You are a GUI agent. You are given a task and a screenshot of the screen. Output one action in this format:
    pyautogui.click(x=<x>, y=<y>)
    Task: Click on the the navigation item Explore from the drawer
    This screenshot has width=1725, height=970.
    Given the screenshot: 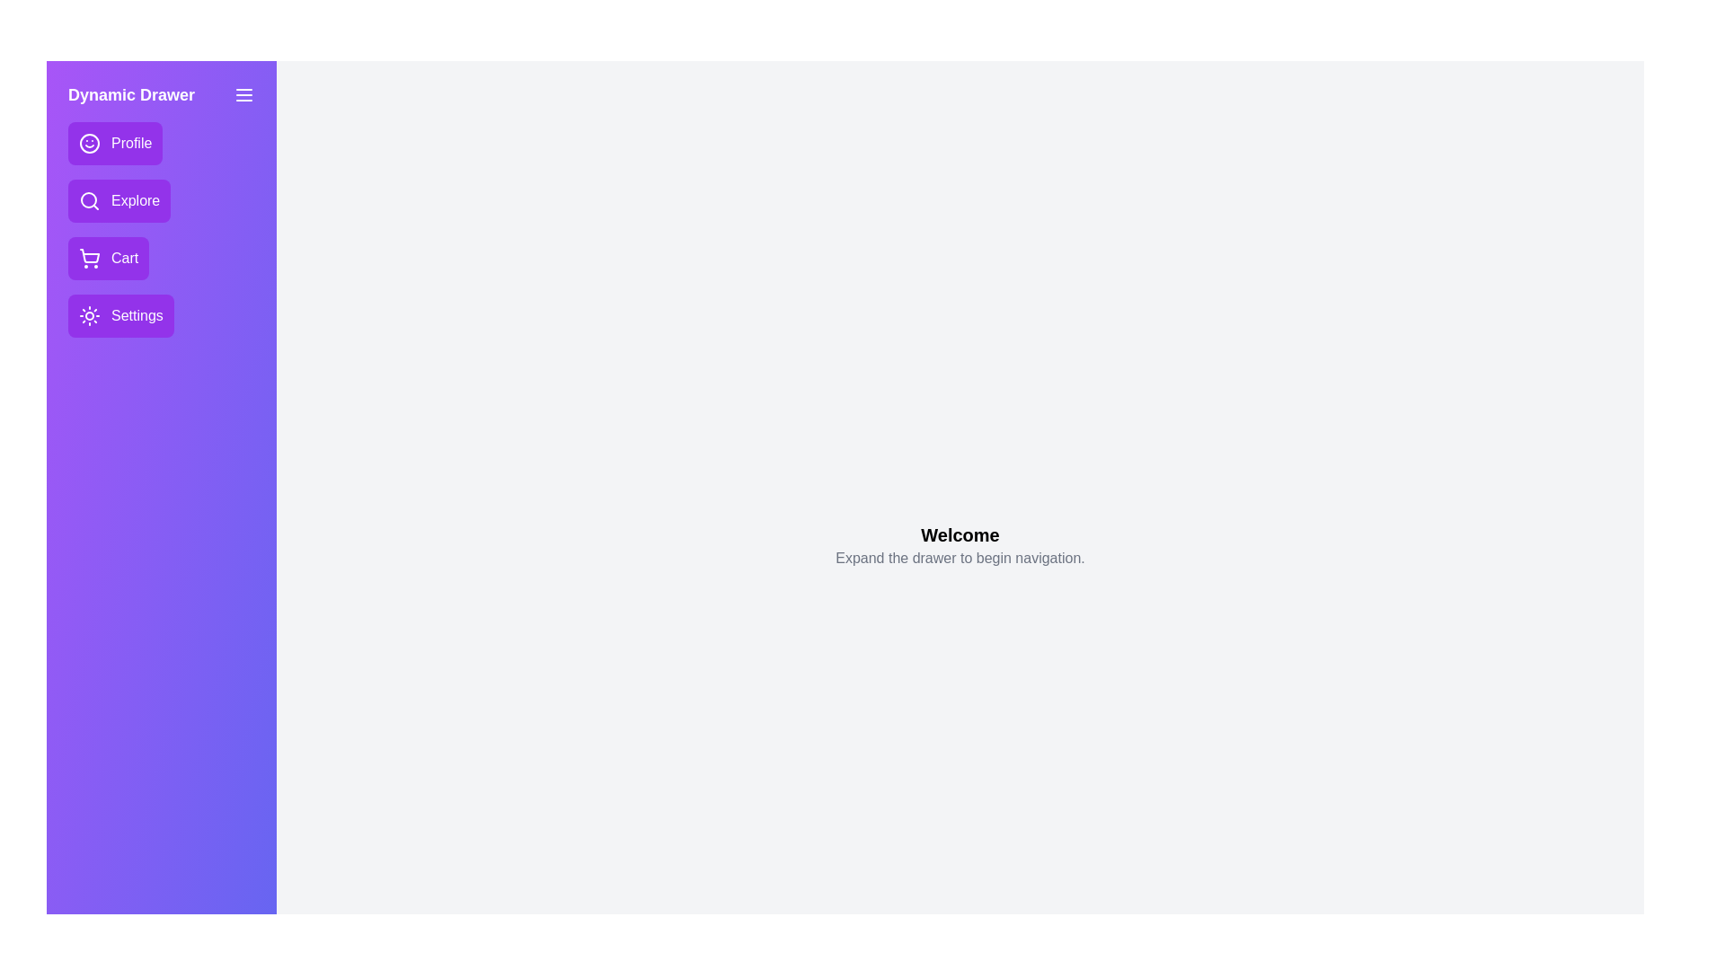 What is the action you would take?
    pyautogui.click(x=119, y=200)
    